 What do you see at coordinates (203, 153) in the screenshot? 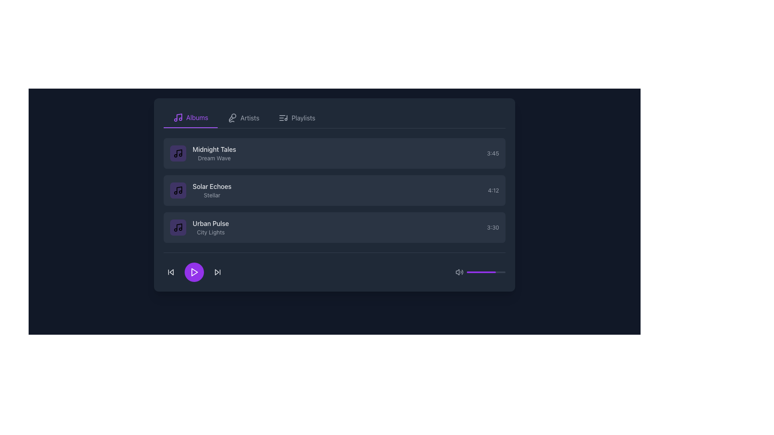
I see `the first item in the music tracks list, titled 'Midnight Tales'` at bounding box center [203, 153].